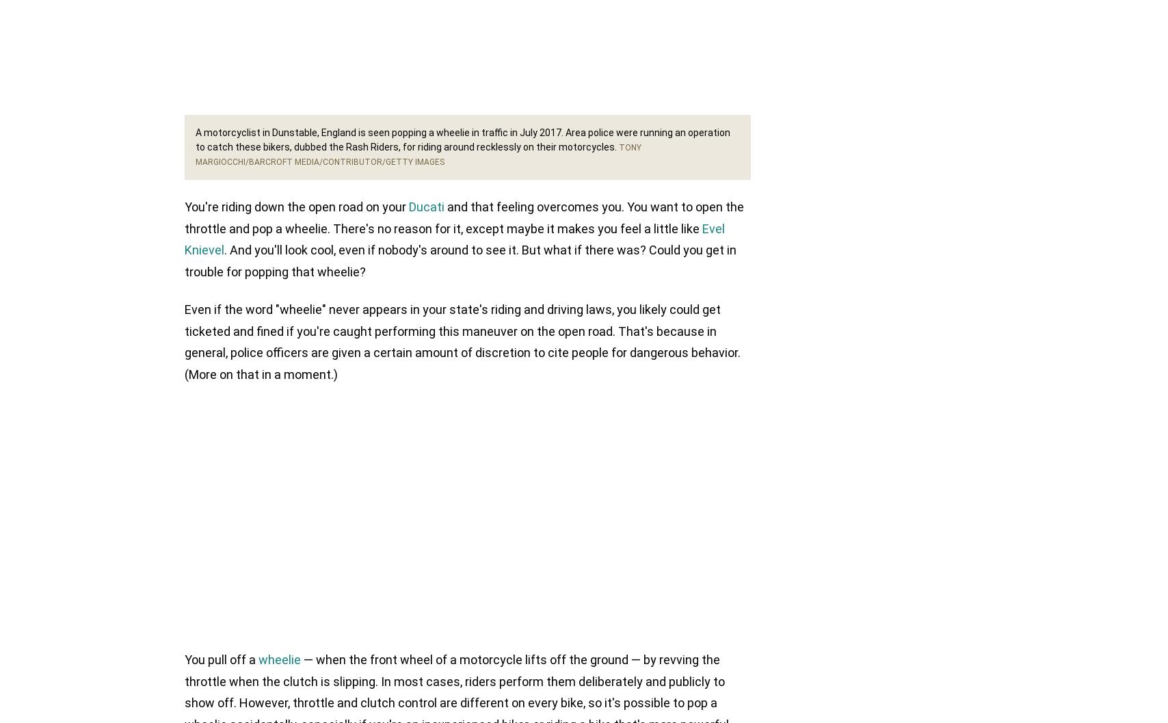  I want to click on 'and that feeling overcomes you. You want to open the throttle and pop a wheelie. There's no reason for it, except maybe it makes you feel a little like', so click(464, 218).